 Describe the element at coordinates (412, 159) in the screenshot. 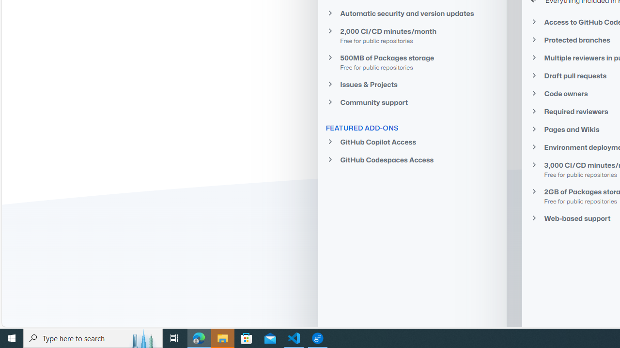

I see `'GitHub Codespaces Access'` at that location.